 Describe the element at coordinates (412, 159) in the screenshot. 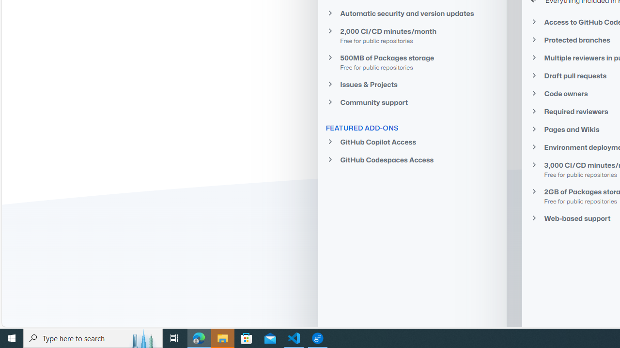

I see `'GitHub Codespaces Access'` at that location.